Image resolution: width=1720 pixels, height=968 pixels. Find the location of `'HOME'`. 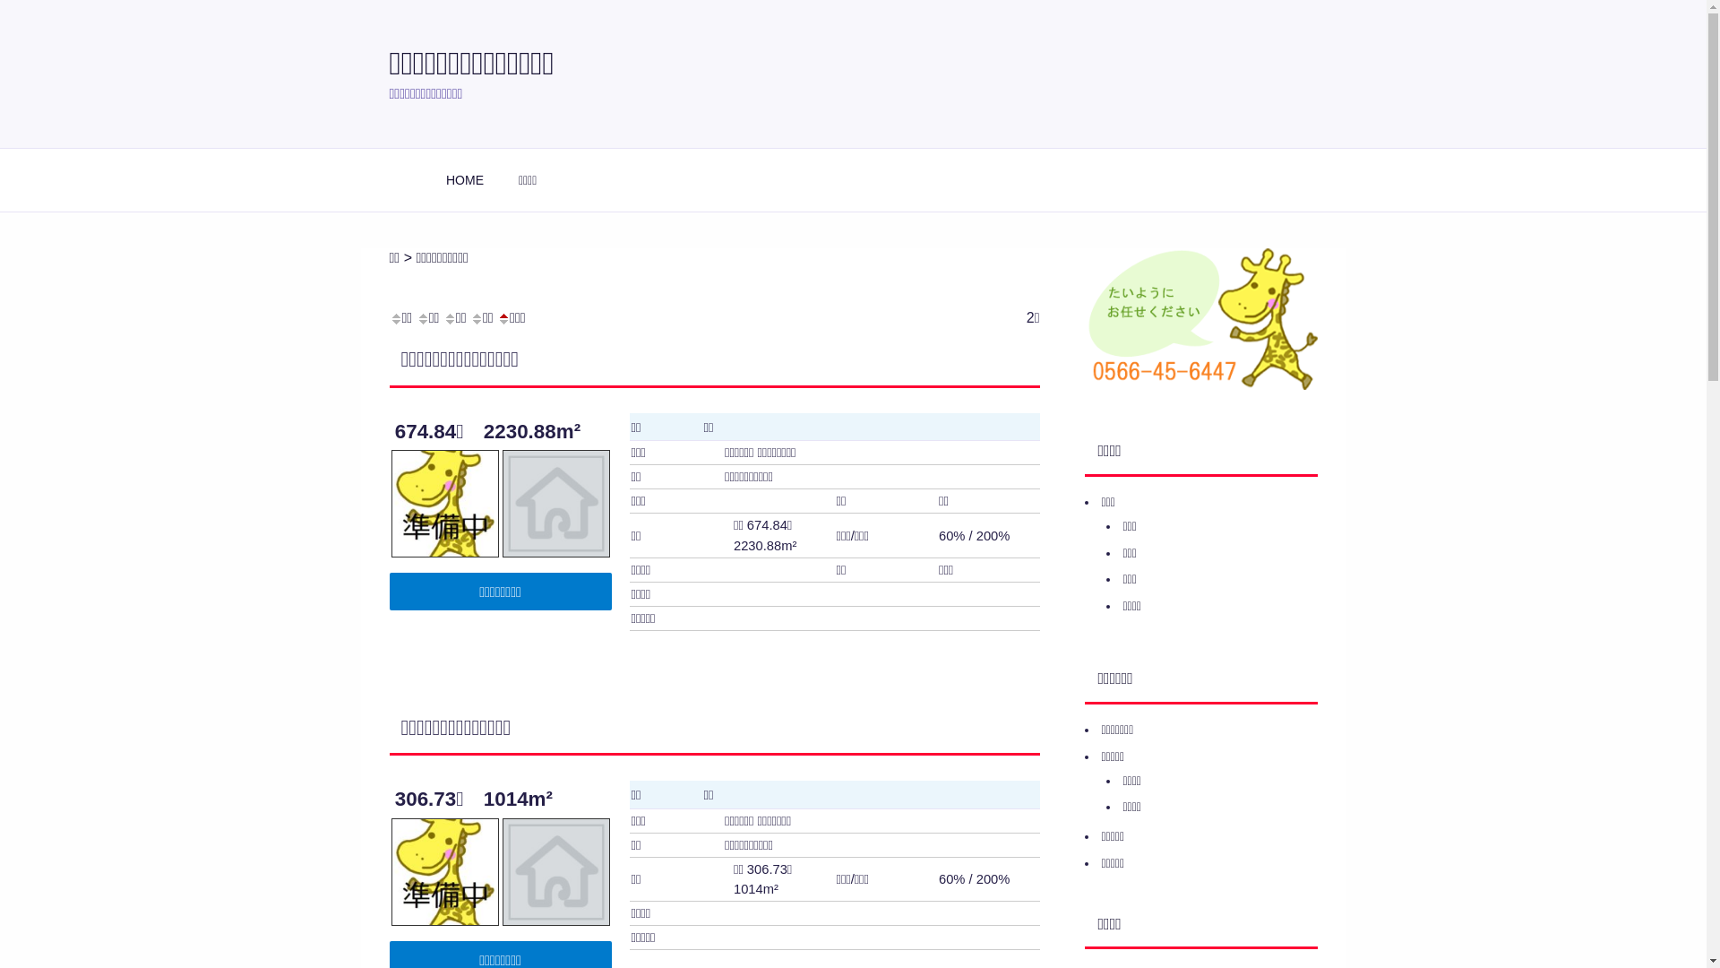

'HOME' is located at coordinates (464, 179).